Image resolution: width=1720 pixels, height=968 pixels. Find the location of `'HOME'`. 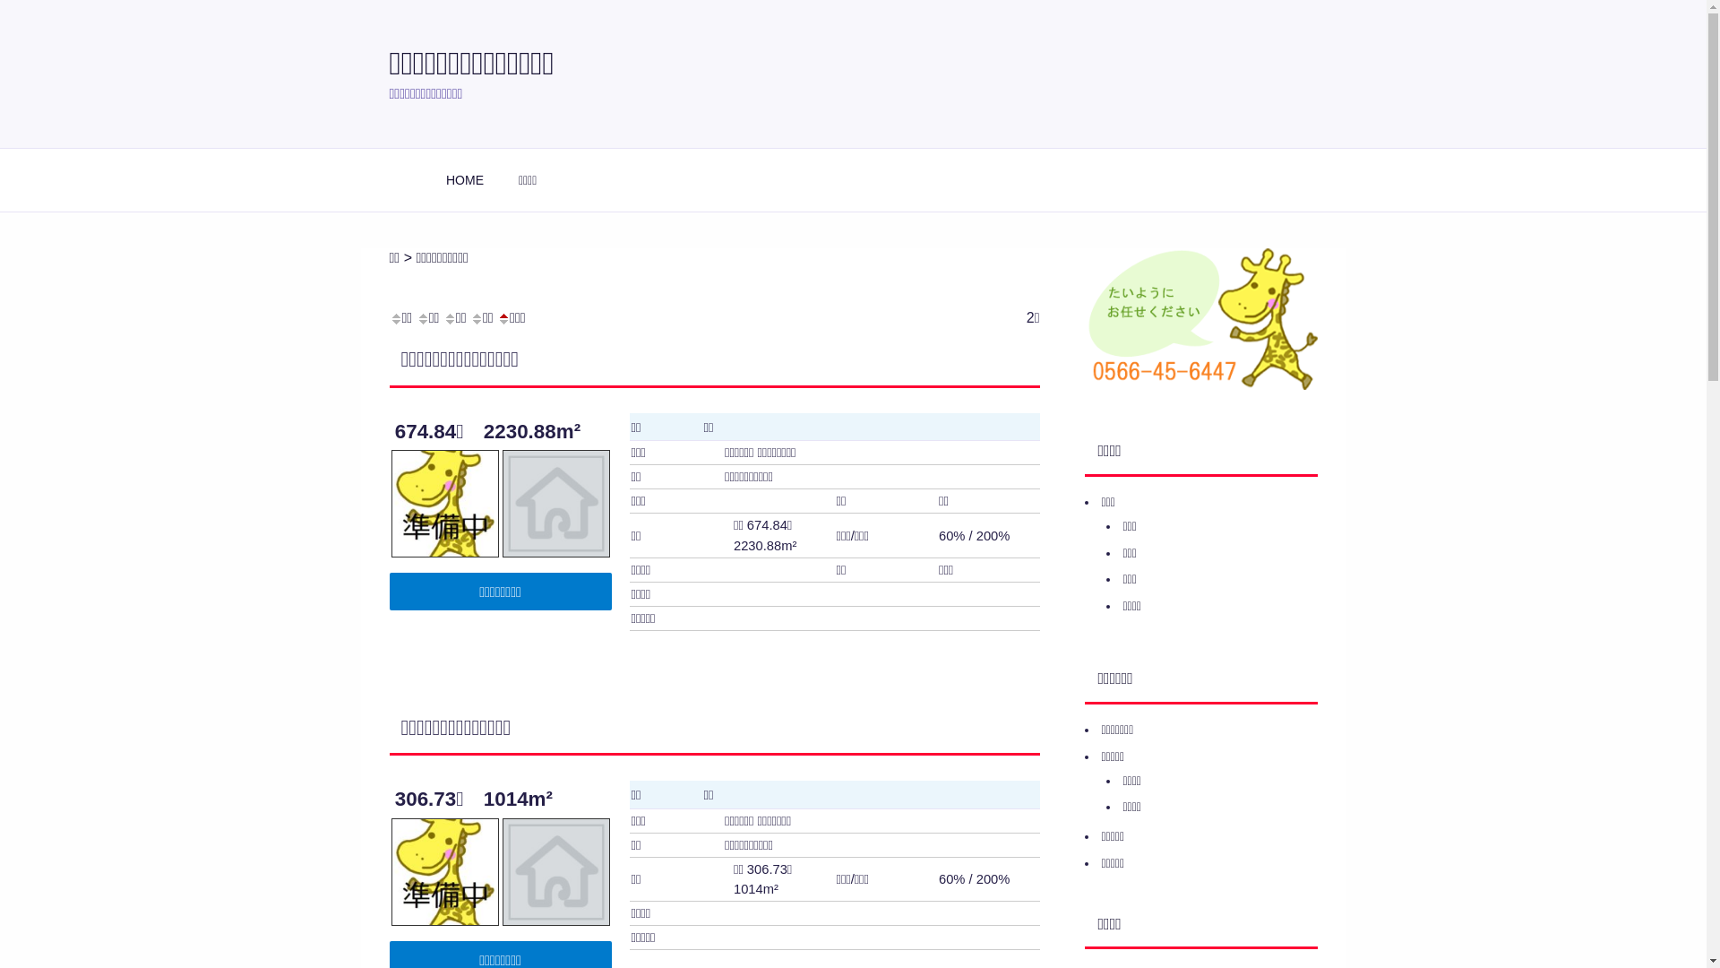

'HOME' is located at coordinates (464, 179).